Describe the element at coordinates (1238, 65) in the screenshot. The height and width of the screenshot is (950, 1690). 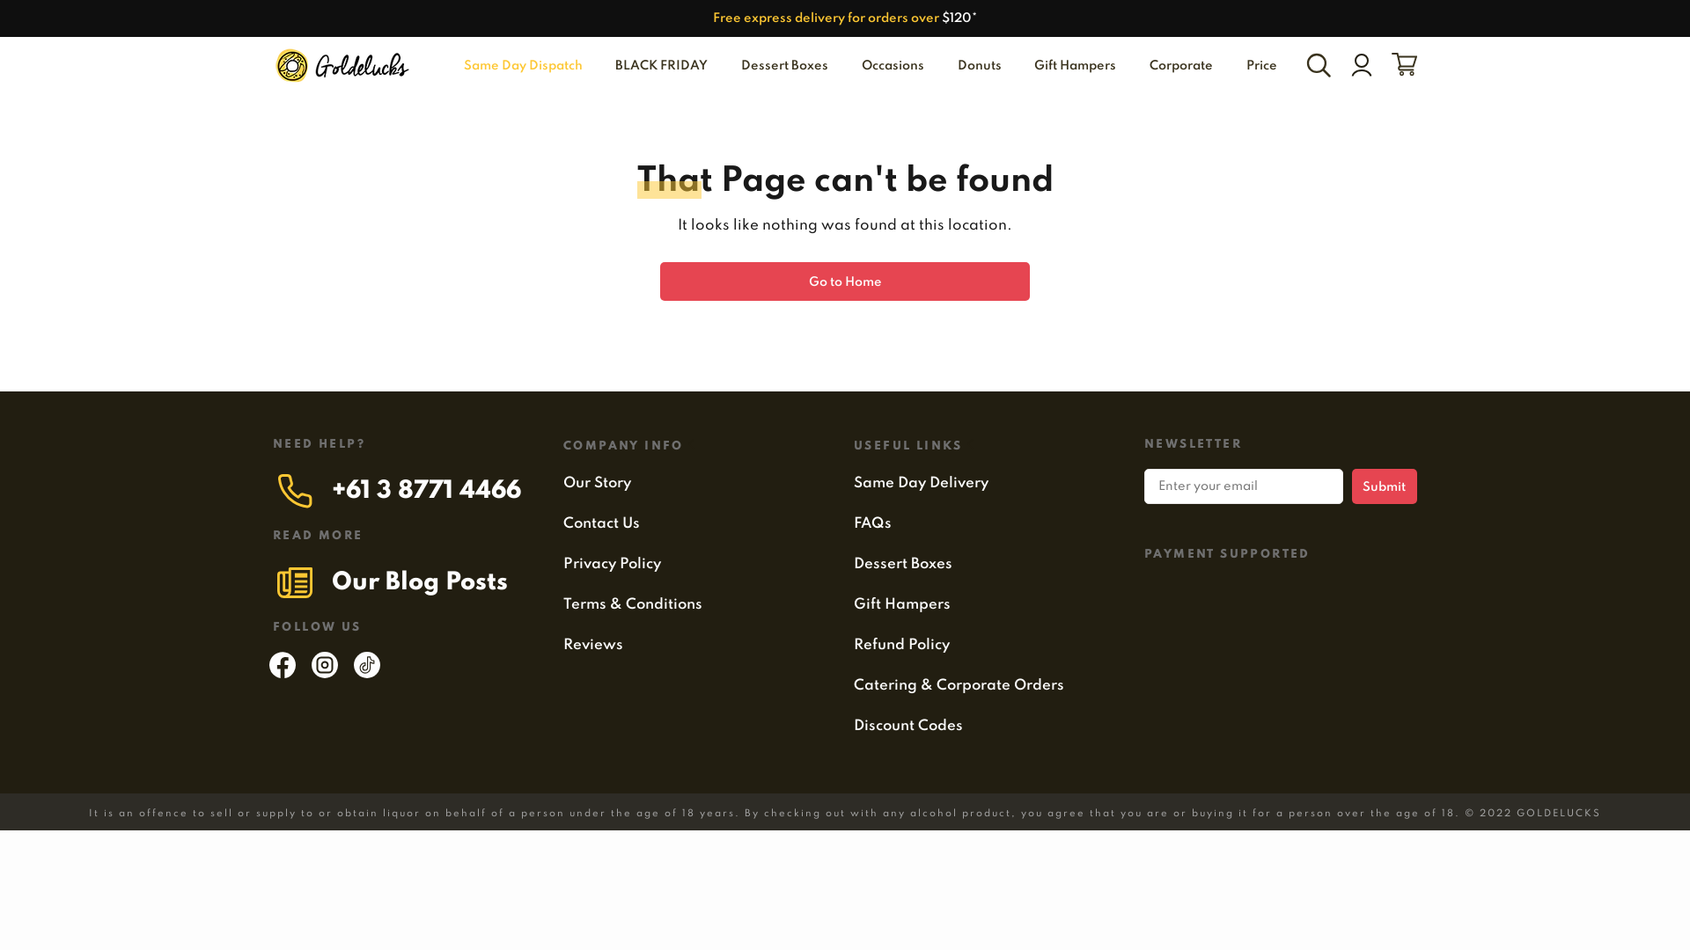
I see `'Price'` at that location.